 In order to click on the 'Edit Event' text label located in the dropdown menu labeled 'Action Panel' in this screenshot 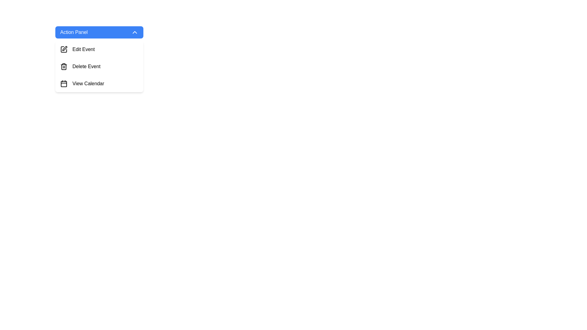, I will do `click(83, 49)`.